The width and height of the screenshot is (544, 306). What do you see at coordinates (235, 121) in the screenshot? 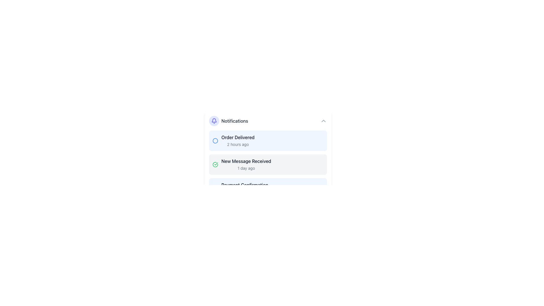
I see `contents of the 'Notifications' text label displayed in medium-weight font and dark gray color, located immediately to the right of the bell icon in the notifications header section` at bounding box center [235, 121].